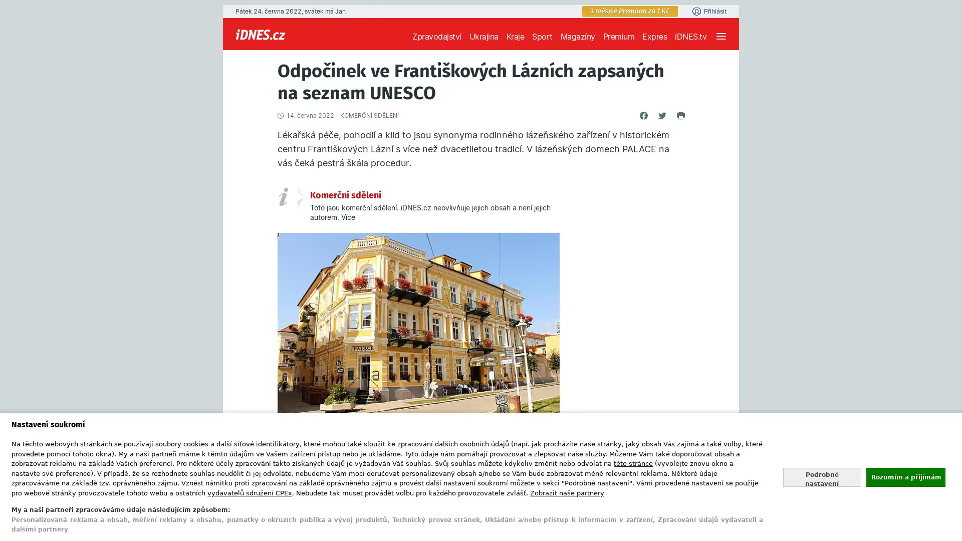  I want to click on Nastavte sve souhlasy, so click(822, 476).